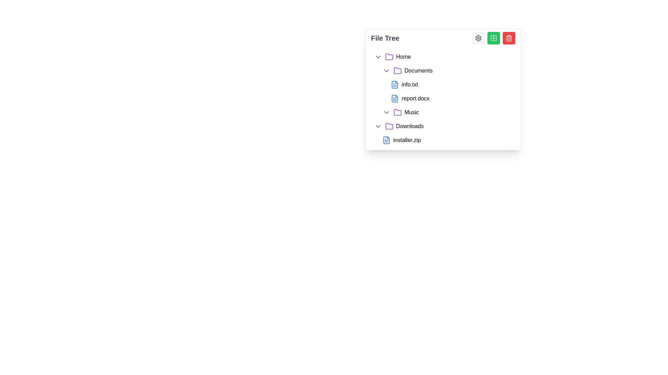  I want to click on the blue document file icon representing 'info.txt' in the File Tree interface, so click(395, 84).